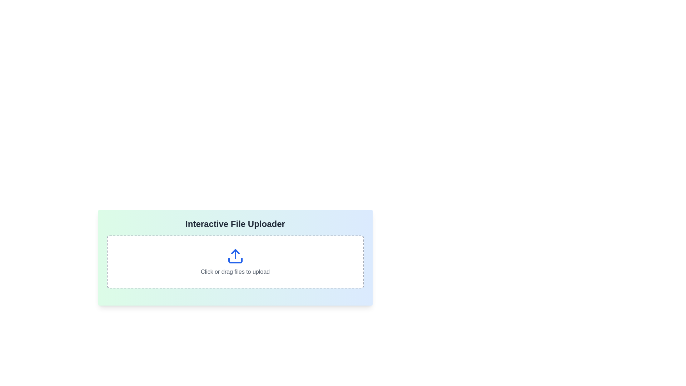 The width and height of the screenshot is (686, 386). What do you see at coordinates (235, 261) in the screenshot?
I see `the bottom section of the upload icon, which is a curved rectangular shape located beneath the blue upward-pointing arrow` at bounding box center [235, 261].